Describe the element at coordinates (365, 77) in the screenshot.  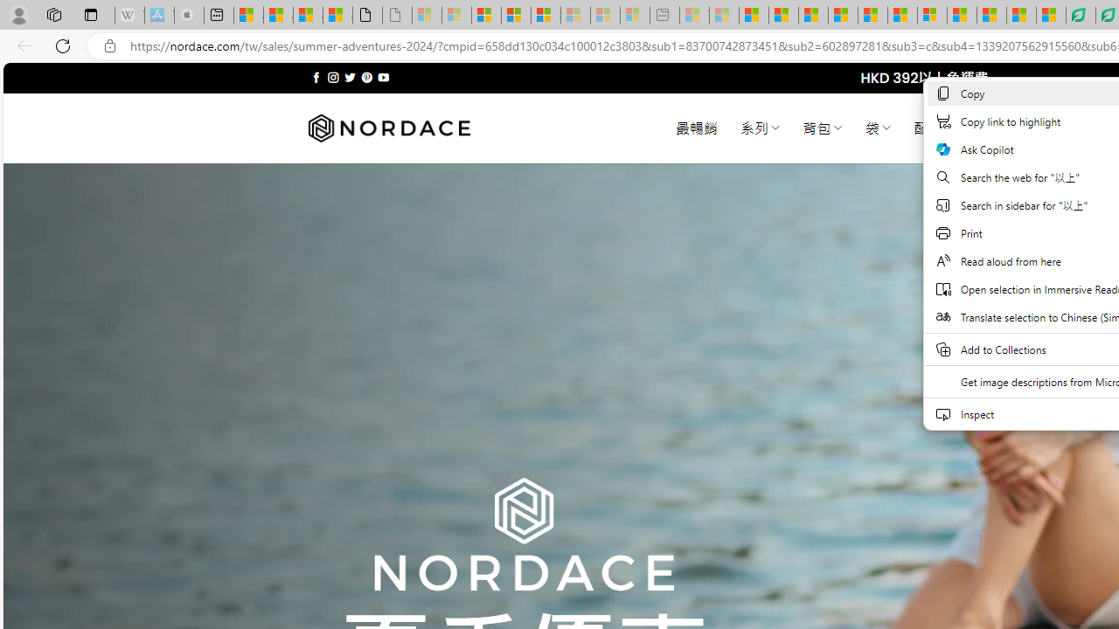
I see `'Follow on Pinterest'` at that location.